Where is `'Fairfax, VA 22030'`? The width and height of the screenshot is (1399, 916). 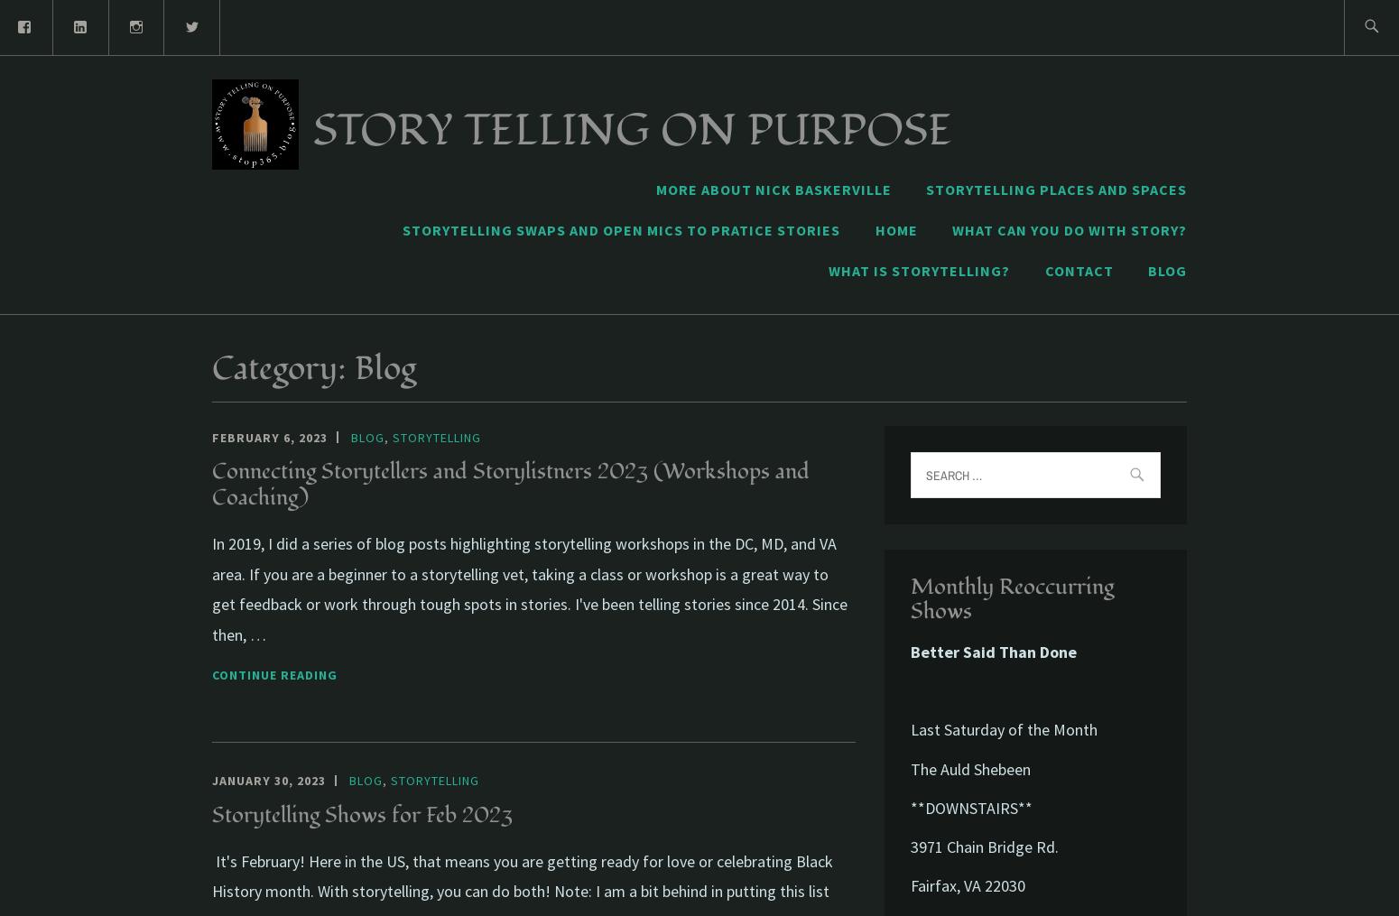
'Fairfax, VA 22030' is located at coordinates (968, 885).